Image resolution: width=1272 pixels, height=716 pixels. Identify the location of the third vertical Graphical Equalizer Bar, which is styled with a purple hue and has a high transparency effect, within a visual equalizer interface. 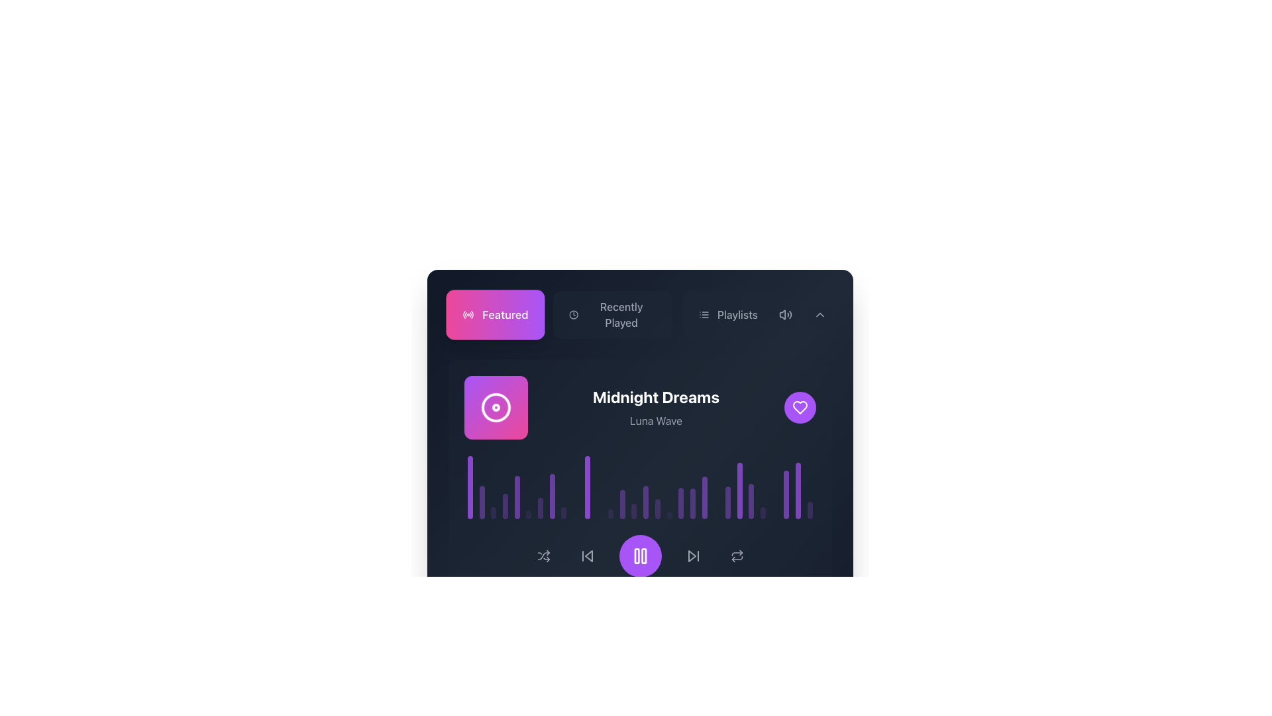
(493, 512).